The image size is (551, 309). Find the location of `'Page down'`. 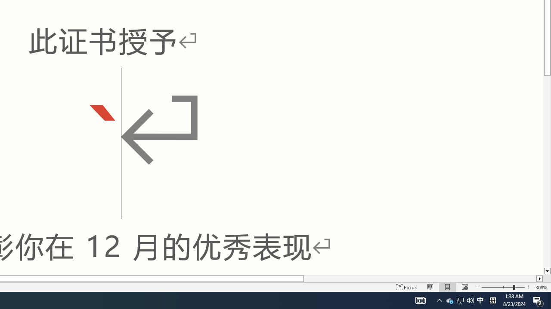

'Page down' is located at coordinates (547, 171).